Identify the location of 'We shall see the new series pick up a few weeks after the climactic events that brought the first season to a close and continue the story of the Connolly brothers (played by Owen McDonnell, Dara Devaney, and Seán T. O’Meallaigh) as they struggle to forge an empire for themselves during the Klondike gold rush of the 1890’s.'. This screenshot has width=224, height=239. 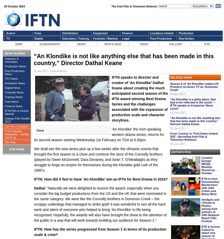
(98, 159).